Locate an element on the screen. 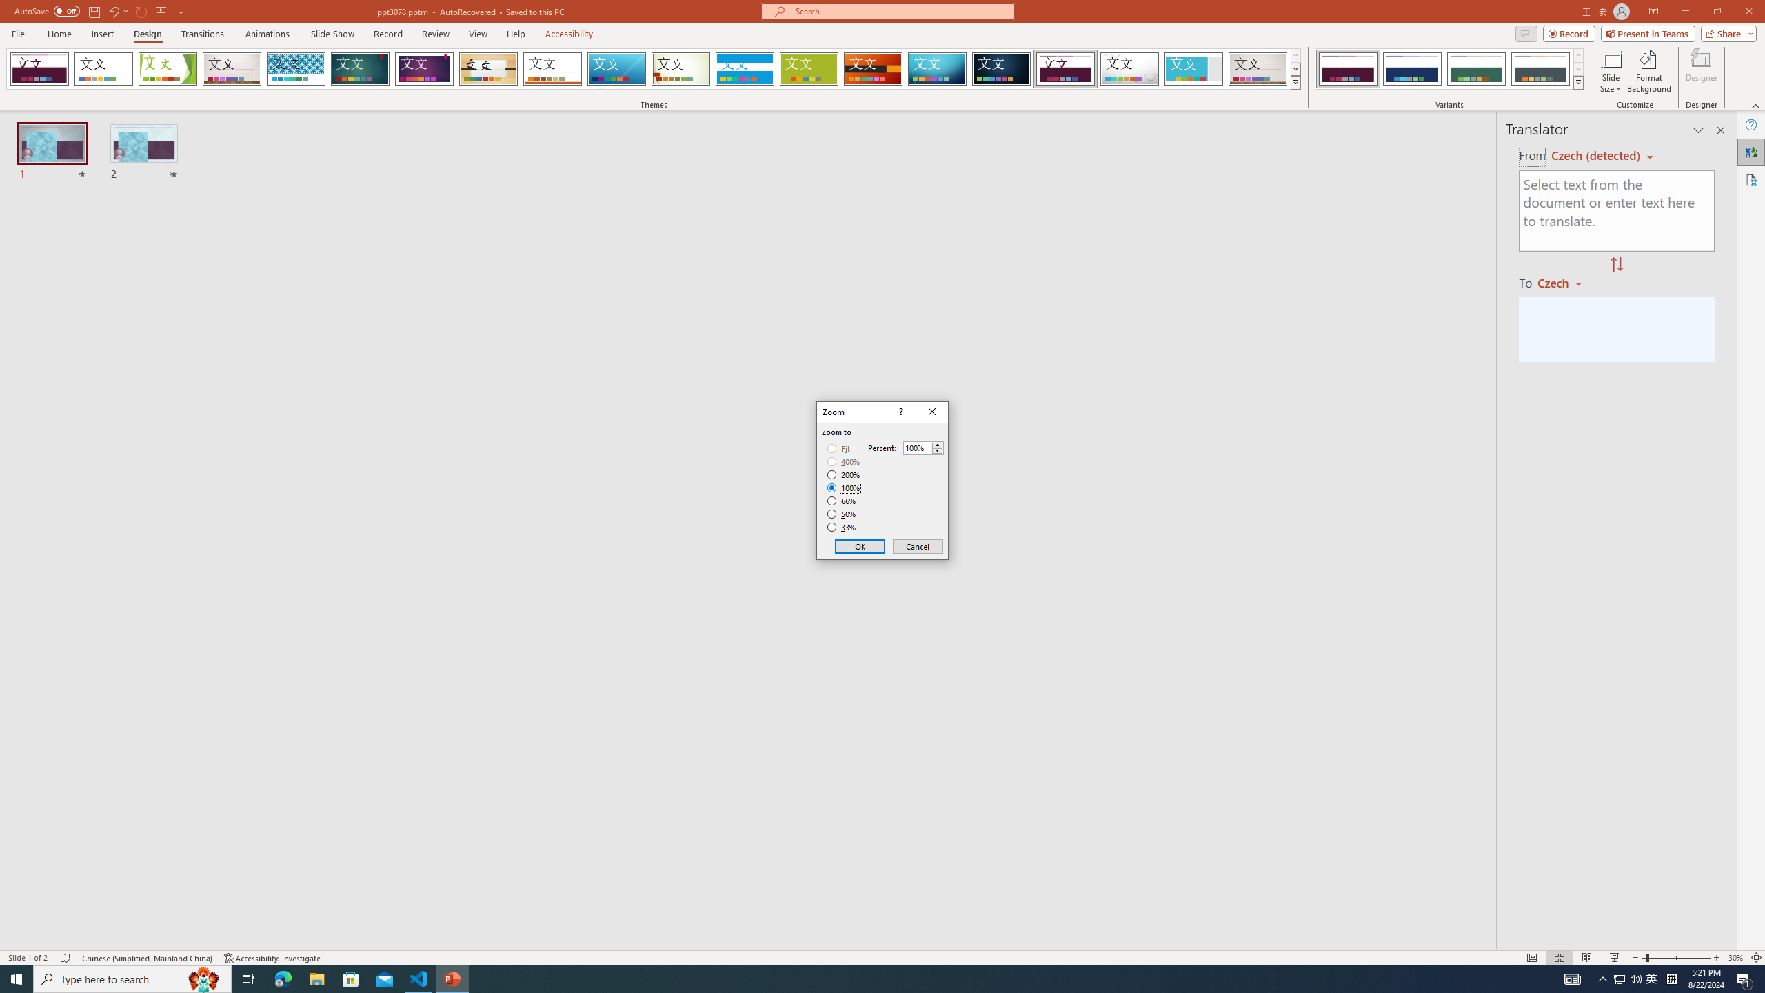 Image resolution: width=1765 pixels, height=993 pixels. 'Dividend Variant 3' is located at coordinates (1475, 68).